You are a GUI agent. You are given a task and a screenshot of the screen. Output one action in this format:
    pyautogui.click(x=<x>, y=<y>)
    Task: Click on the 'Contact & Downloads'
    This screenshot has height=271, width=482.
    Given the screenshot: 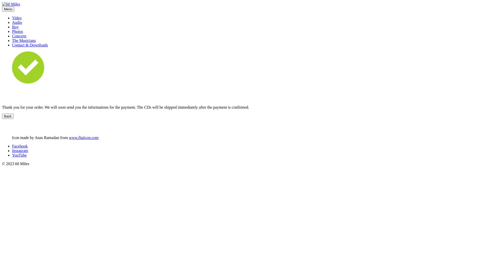 What is the action you would take?
    pyautogui.click(x=30, y=45)
    